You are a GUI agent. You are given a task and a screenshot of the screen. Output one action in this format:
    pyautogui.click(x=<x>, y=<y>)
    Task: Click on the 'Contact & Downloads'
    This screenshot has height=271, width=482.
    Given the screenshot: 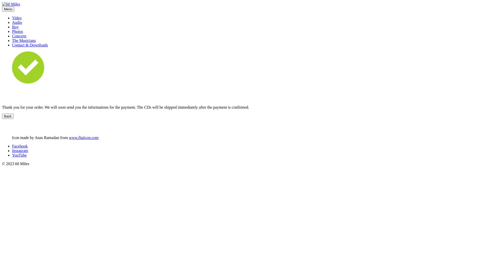 What is the action you would take?
    pyautogui.click(x=30, y=45)
    